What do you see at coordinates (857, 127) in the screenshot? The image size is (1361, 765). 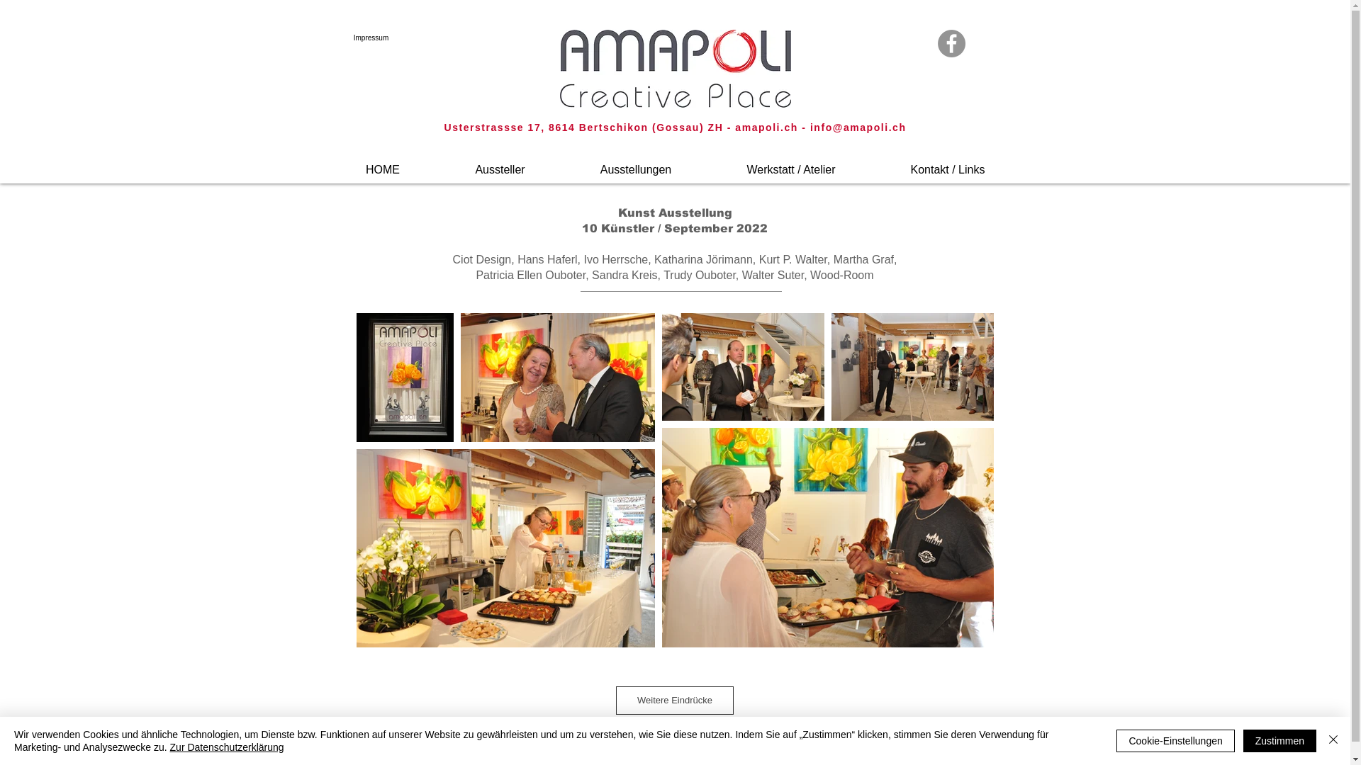 I see `'info@amapoli.ch'` at bounding box center [857, 127].